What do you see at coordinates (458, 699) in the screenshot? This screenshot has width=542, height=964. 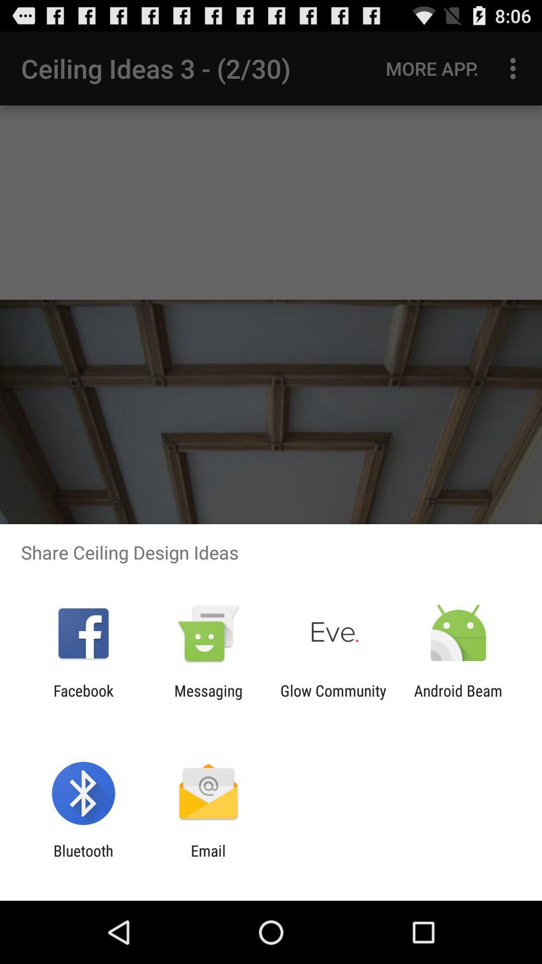 I see `icon to the right of the glow community` at bounding box center [458, 699].